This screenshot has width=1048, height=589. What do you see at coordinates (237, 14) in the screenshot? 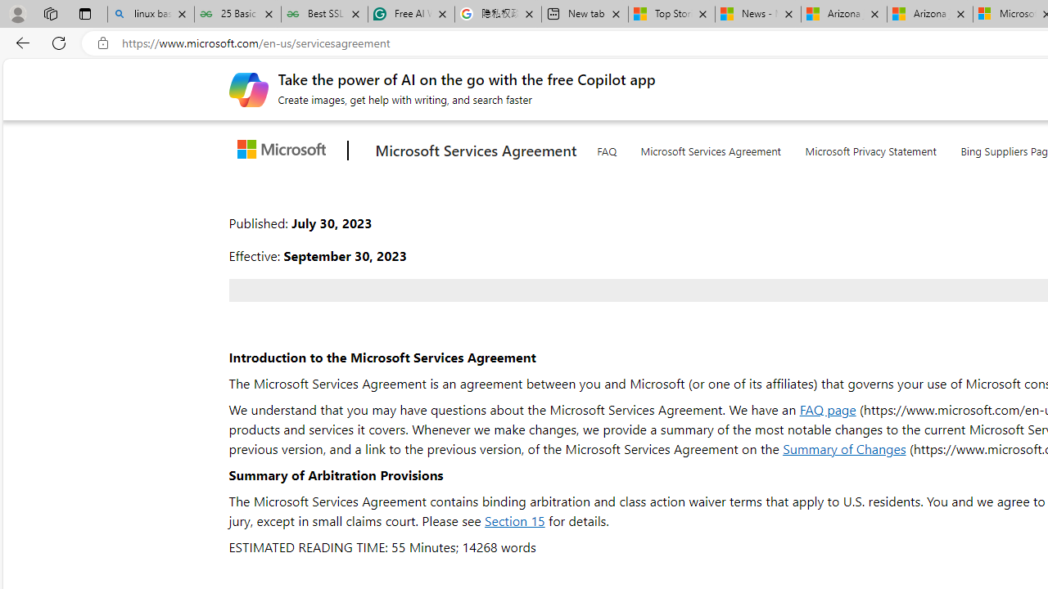
I see `'25 Basic Linux Commands For Beginners - GeeksforGeeks'` at bounding box center [237, 14].